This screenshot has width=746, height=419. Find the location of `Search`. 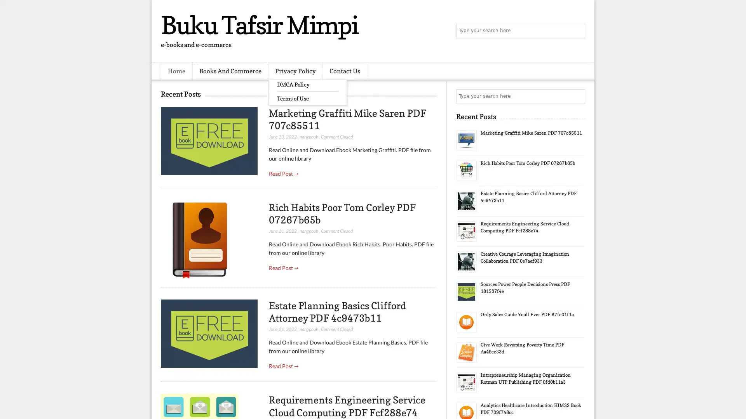

Search is located at coordinates (577, 31).